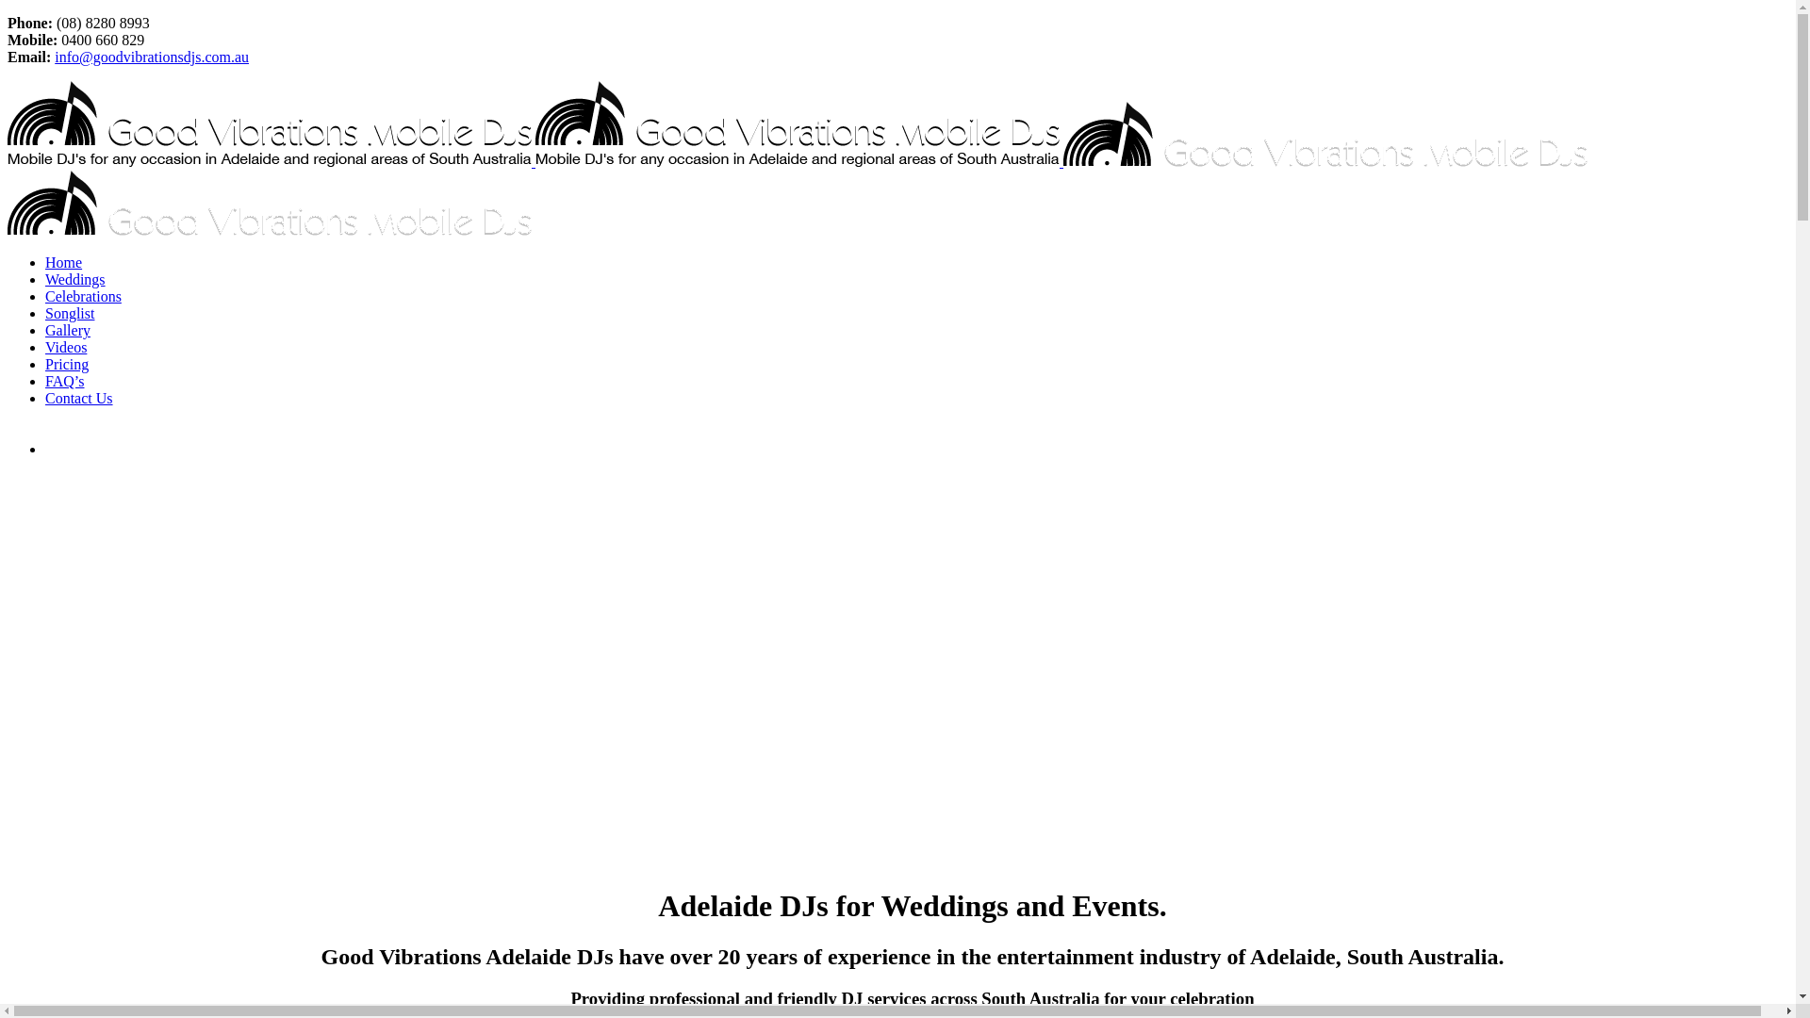 The height and width of the screenshot is (1018, 1810). Describe the element at coordinates (152, 56) in the screenshot. I see `'info@goodvibrationsdjs.com.au'` at that location.